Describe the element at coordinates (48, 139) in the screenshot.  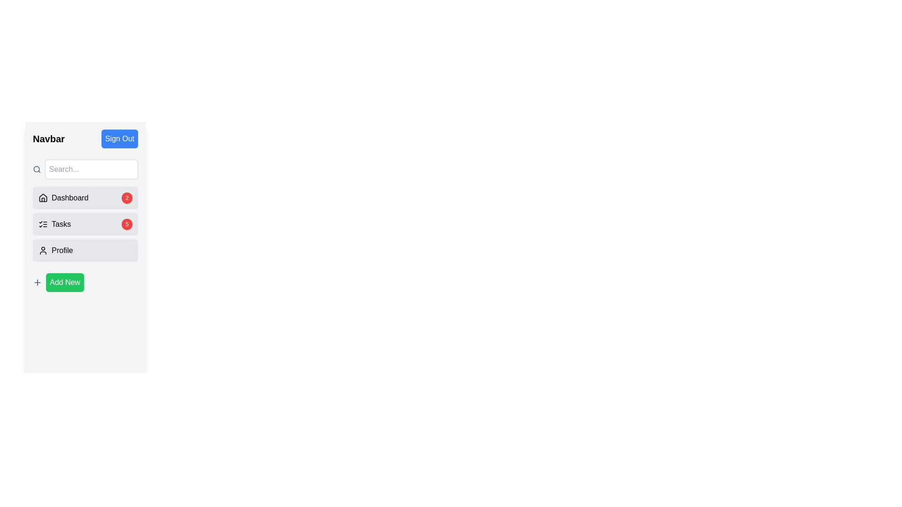
I see `the decorative Text label that serves as a title for the navigation section, located in the upper part of the sidebar layout, aligned with the 'Sign Out' button` at that location.